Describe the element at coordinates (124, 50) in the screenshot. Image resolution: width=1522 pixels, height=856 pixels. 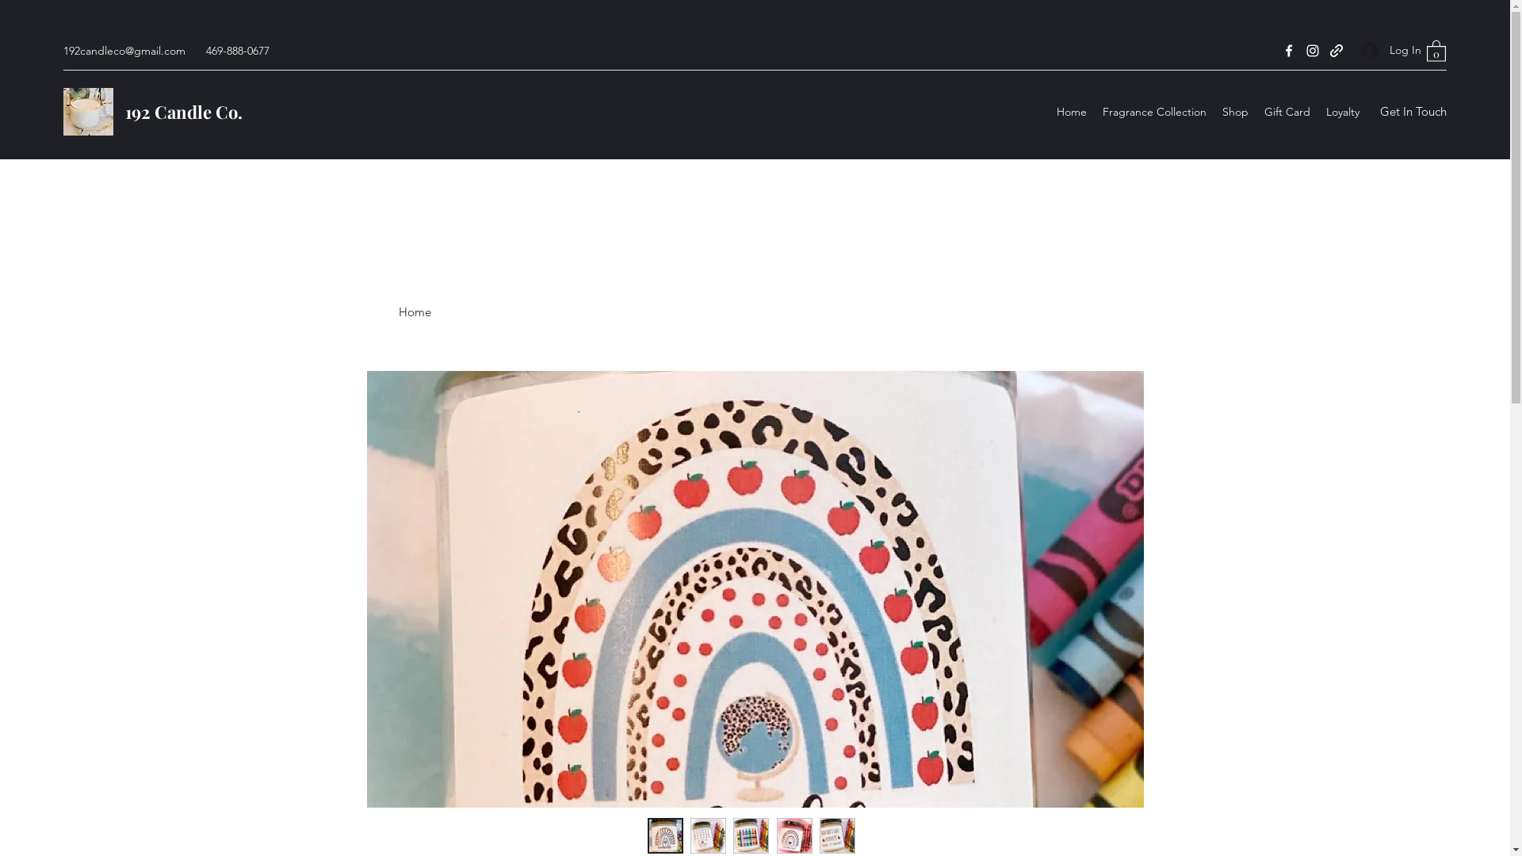
I see `'192candleco@gmail.com'` at that location.